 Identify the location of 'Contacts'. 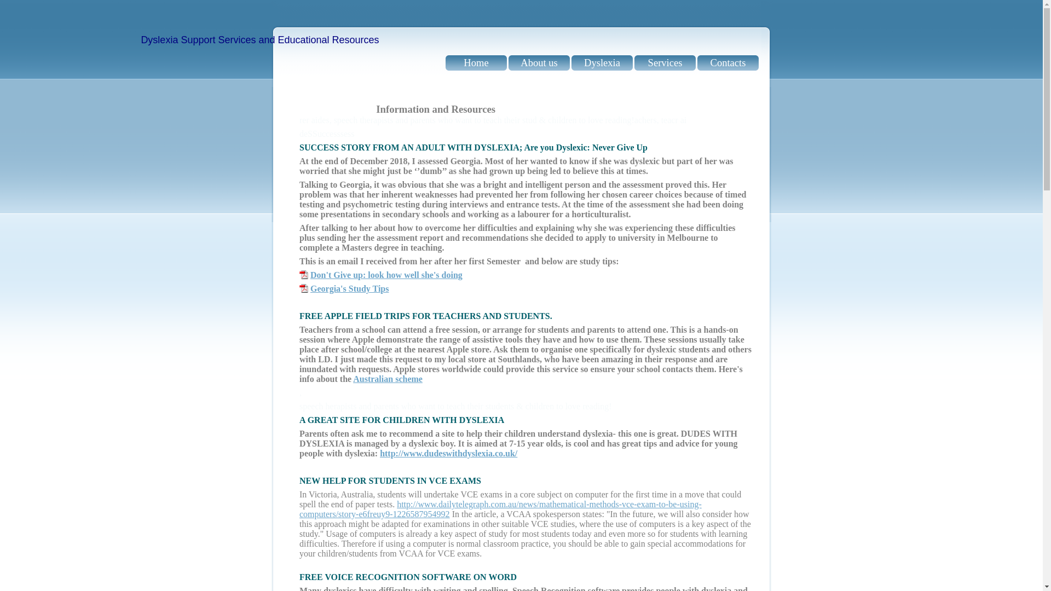
(727, 63).